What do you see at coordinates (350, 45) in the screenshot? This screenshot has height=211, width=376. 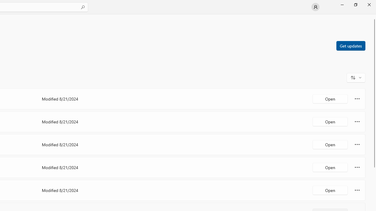 I see `'Get updates'` at bounding box center [350, 45].